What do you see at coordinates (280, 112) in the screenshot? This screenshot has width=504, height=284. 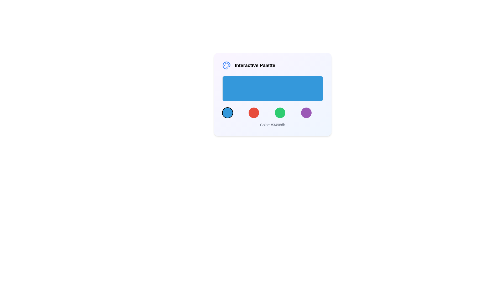 I see `the green circular button located in a grid layout, which is the third button in a row of four, below a blue rectangle` at bounding box center [280, 112].